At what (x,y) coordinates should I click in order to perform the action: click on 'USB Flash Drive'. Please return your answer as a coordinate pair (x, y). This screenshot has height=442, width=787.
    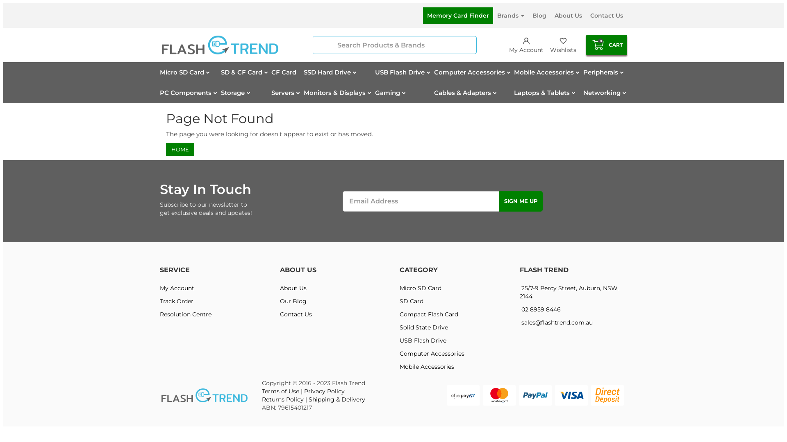
    Looking at the image, I should click on (453, 341).